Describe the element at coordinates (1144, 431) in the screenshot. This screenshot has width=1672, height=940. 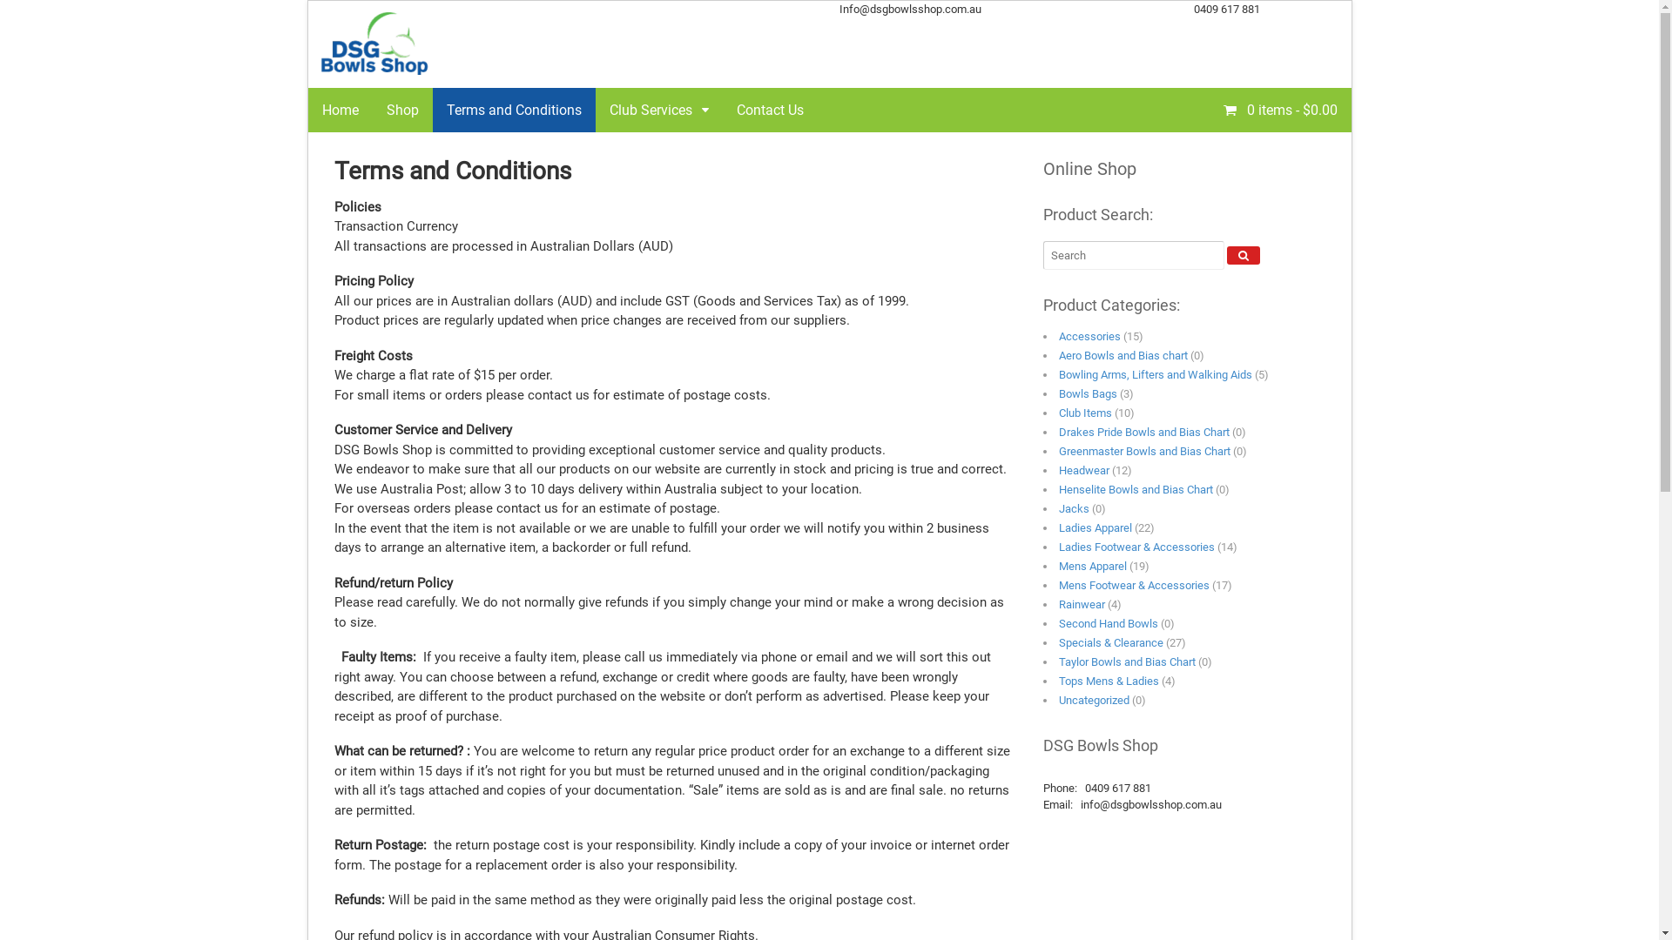
I see `'Drakes Pride Bowls and Bias Chart'` at that location.